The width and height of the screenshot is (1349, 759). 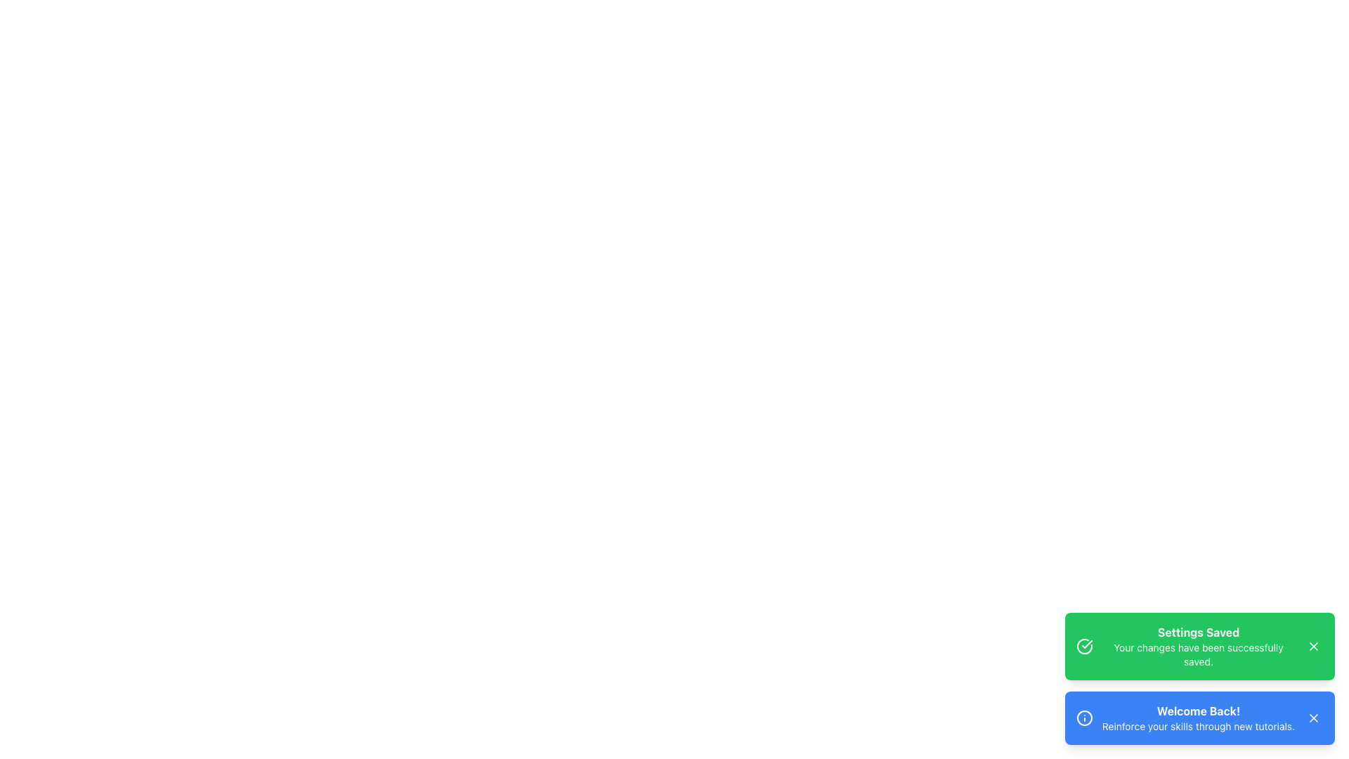 What do you see at coordinates (1313, 647) in the screenshot?
I see `the Close button located at the bottom-right corner of the interface` at bounding box center [1313, 647].